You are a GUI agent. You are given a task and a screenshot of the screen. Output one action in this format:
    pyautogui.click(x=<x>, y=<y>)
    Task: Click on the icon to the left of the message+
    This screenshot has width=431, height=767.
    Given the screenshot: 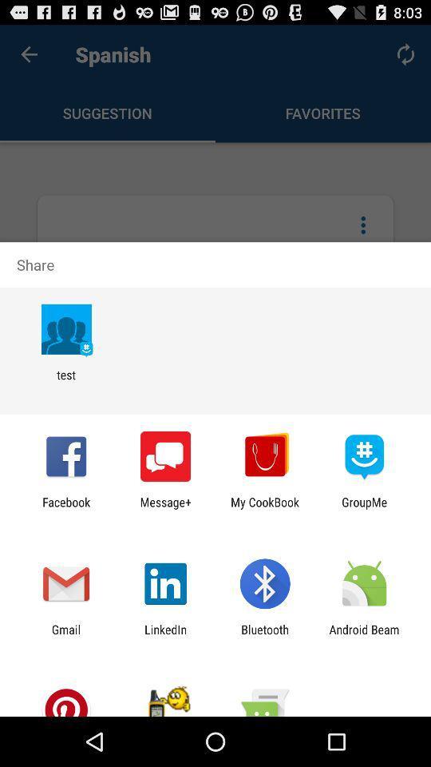 What is the action you would take?
    pyautogui.click(x=65, y=508)
    